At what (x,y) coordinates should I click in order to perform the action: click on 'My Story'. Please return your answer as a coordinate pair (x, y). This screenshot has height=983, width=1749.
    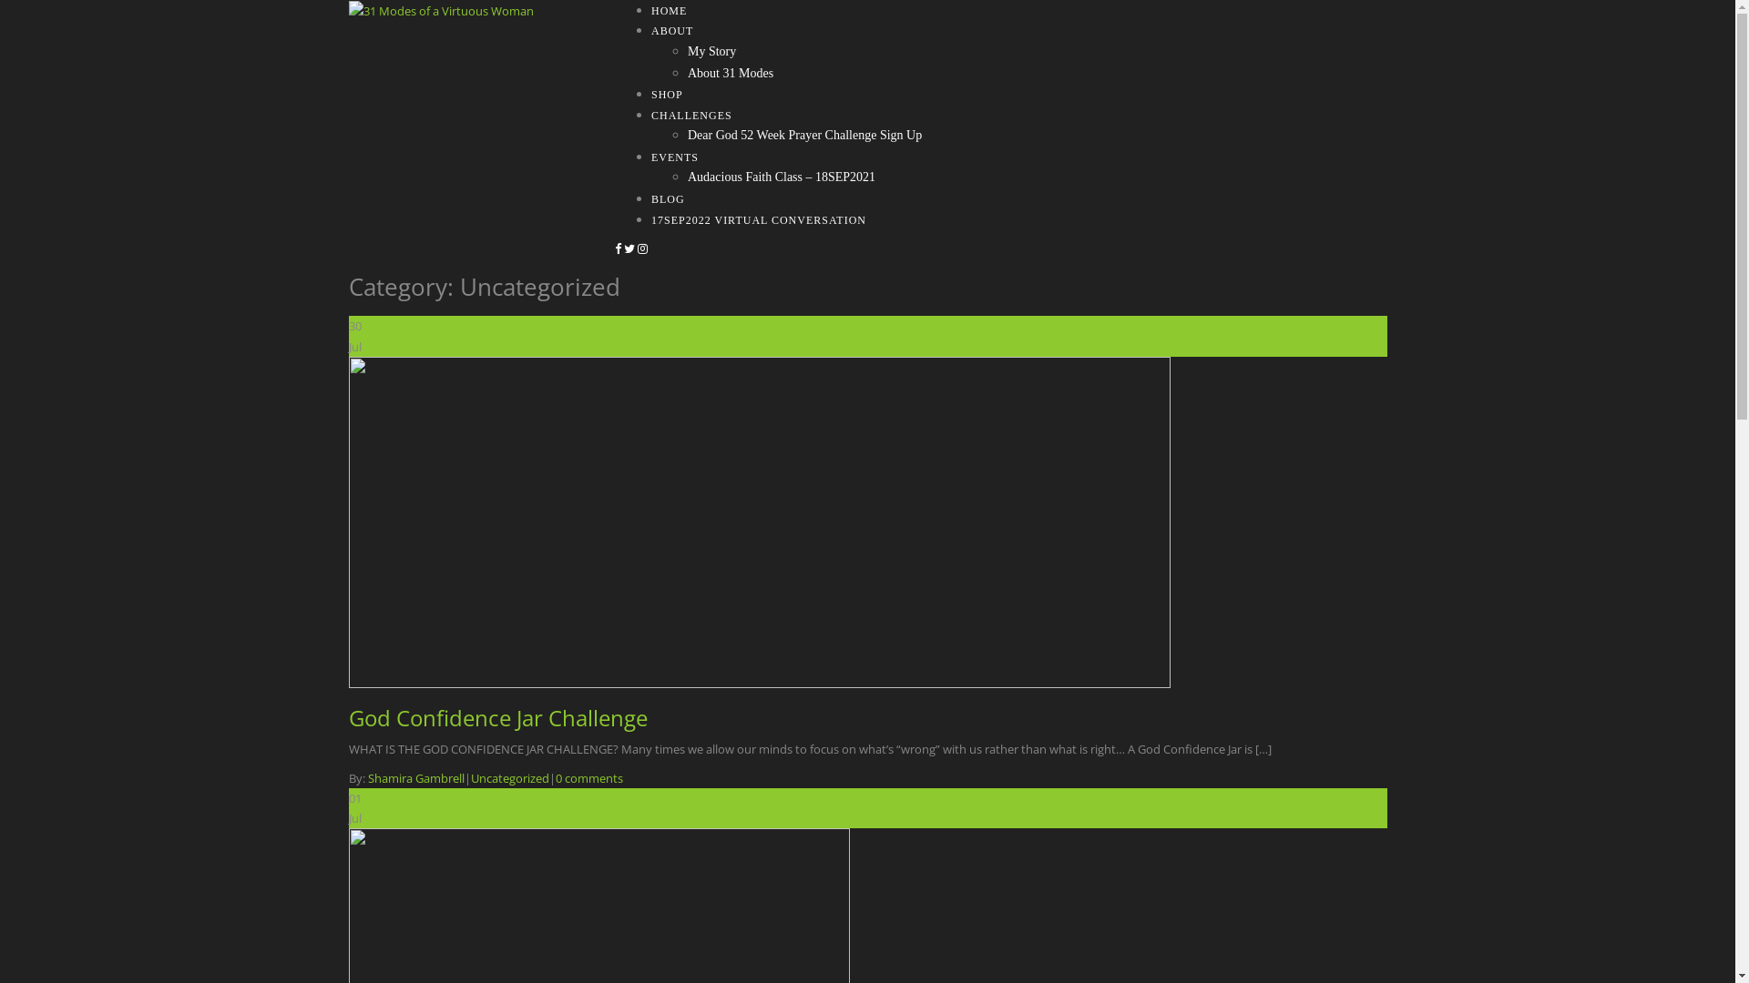
    Looking at the image, I should click on (711, 50).